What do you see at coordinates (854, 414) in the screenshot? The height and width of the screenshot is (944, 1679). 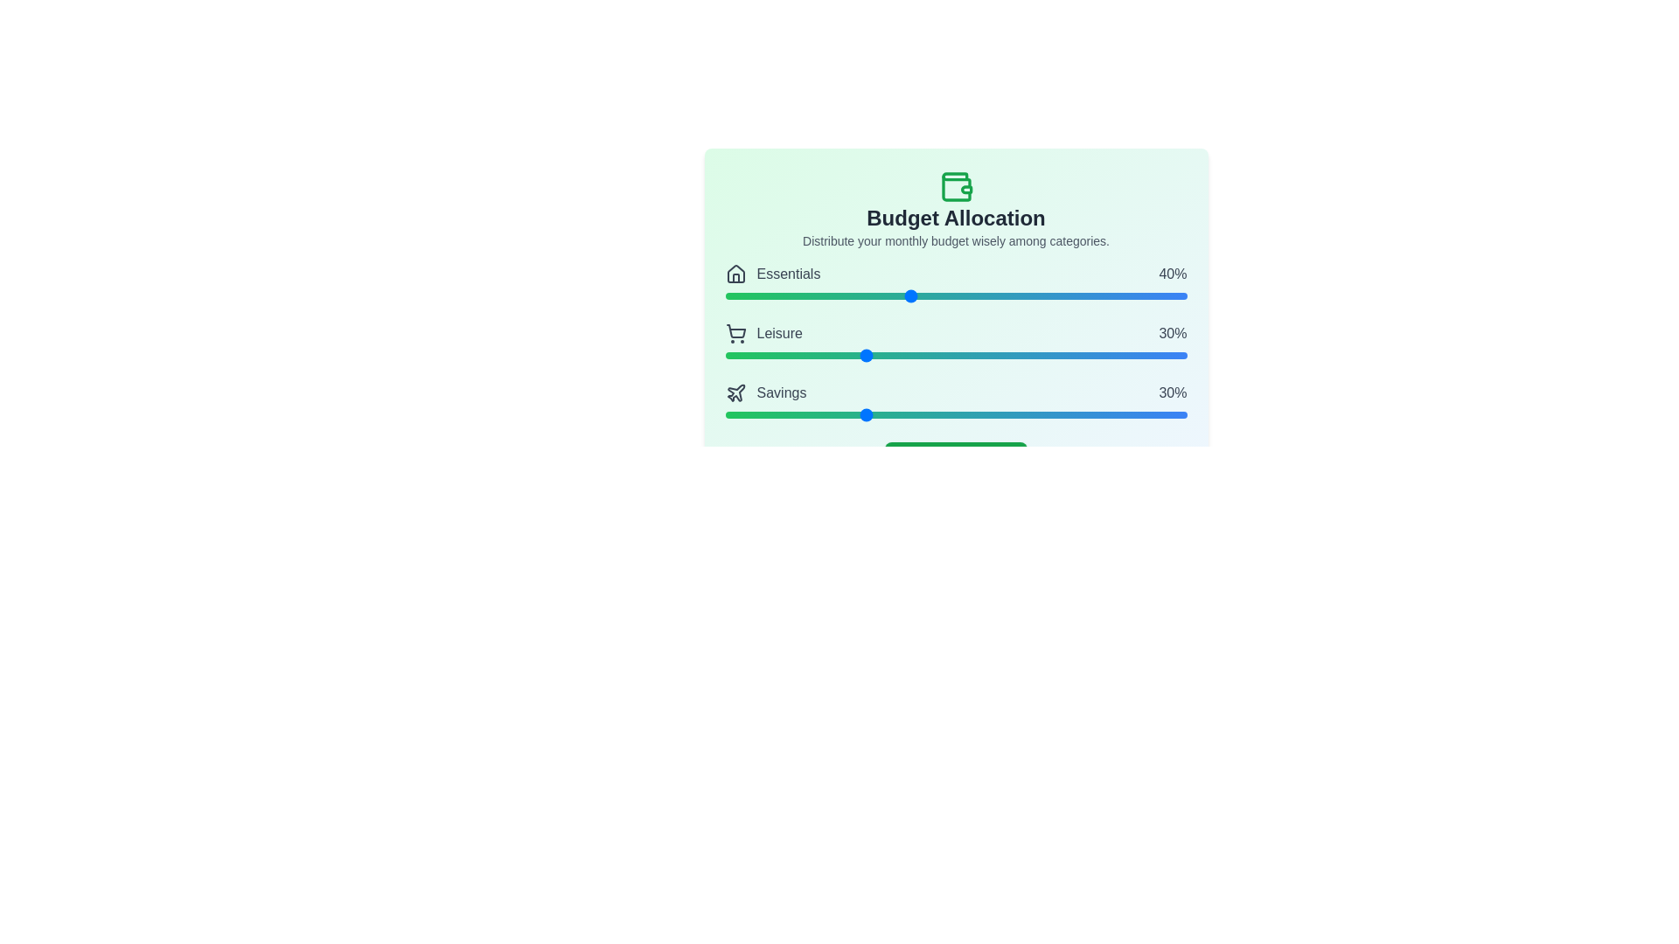 I see `the 'Savings' slider to set its value to 28` at bounding box center [854, 414].